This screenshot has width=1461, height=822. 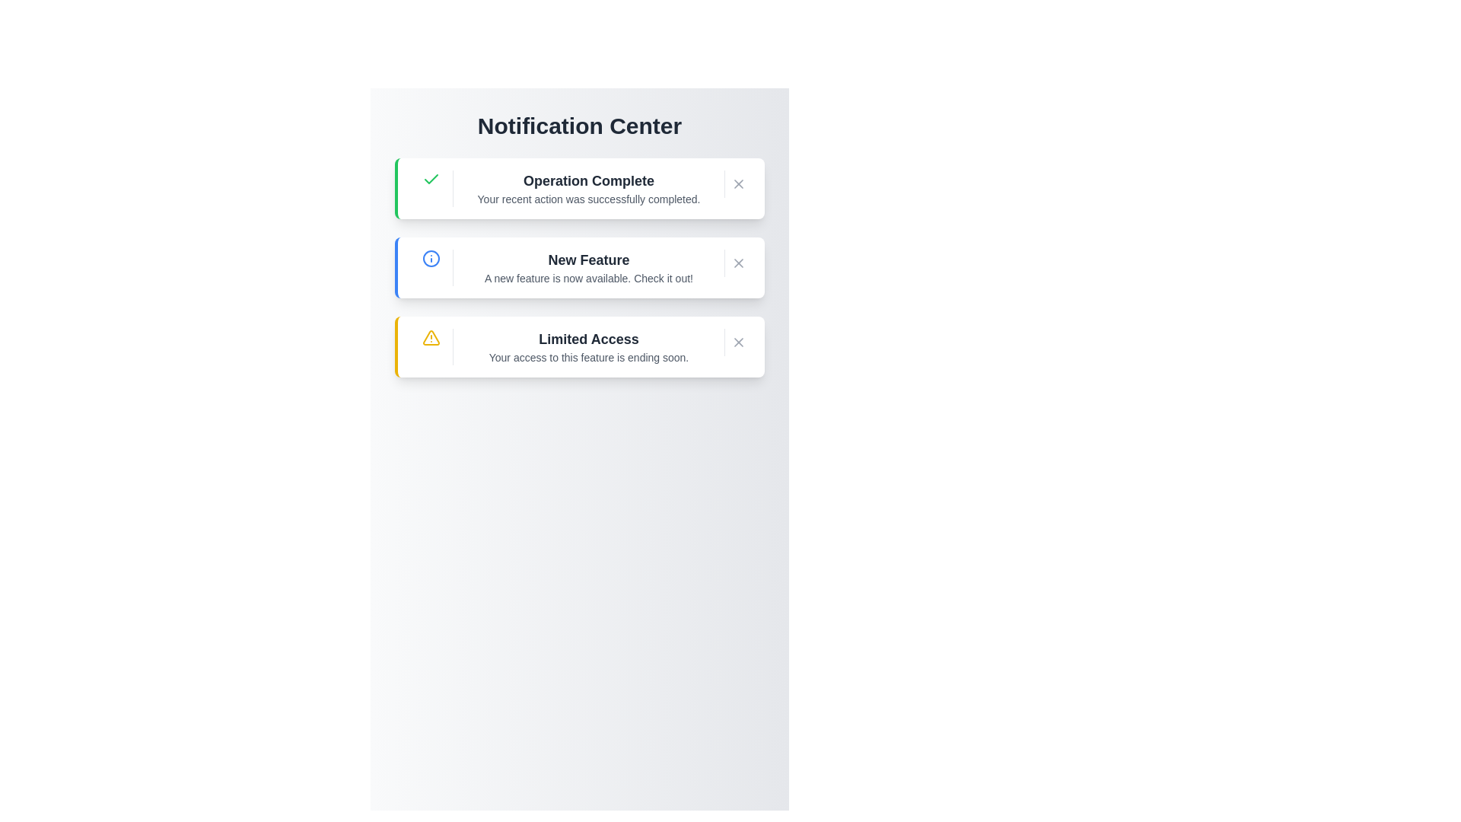 I want to click on the green checkmark icon within the 'Operation Complete' notification card in the Notification Center, so click(x=430, y=178).